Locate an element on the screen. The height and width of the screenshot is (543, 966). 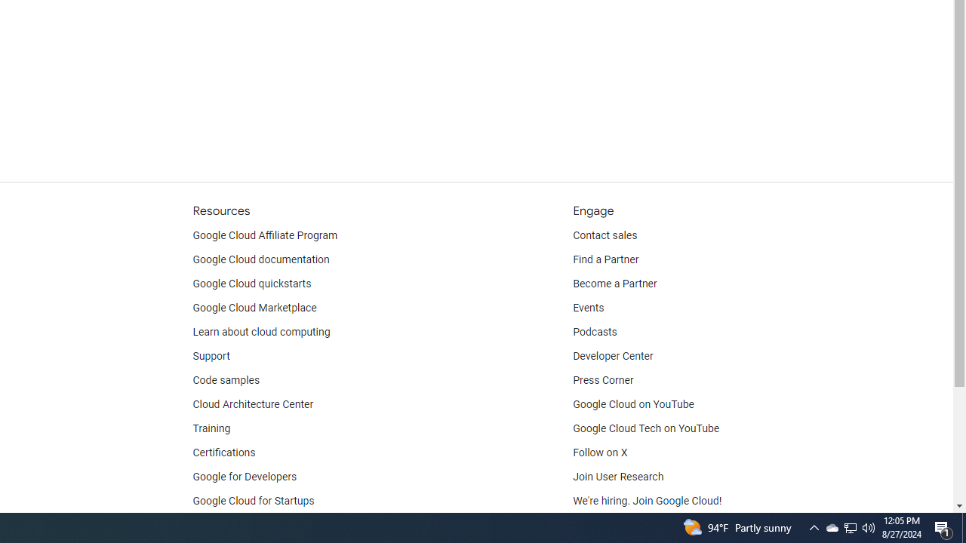
'Google Cloud Affiliate Program' is located at coordinates (265, 235).